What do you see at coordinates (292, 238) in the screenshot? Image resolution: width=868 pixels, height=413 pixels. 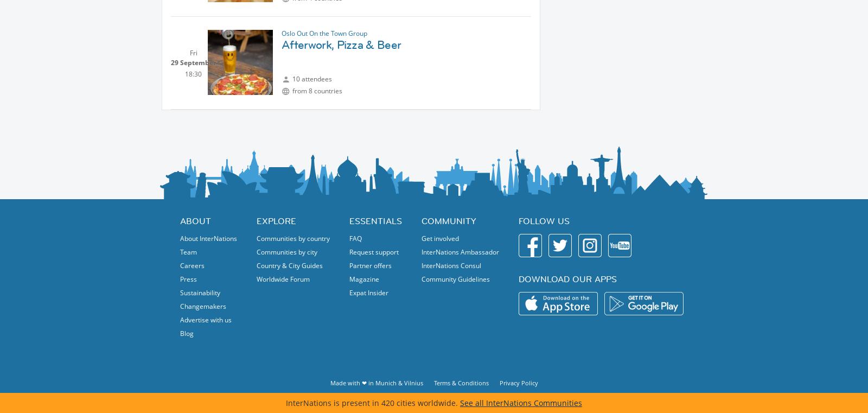 I see `'Communities by country'` at bounding box center [292, 238].